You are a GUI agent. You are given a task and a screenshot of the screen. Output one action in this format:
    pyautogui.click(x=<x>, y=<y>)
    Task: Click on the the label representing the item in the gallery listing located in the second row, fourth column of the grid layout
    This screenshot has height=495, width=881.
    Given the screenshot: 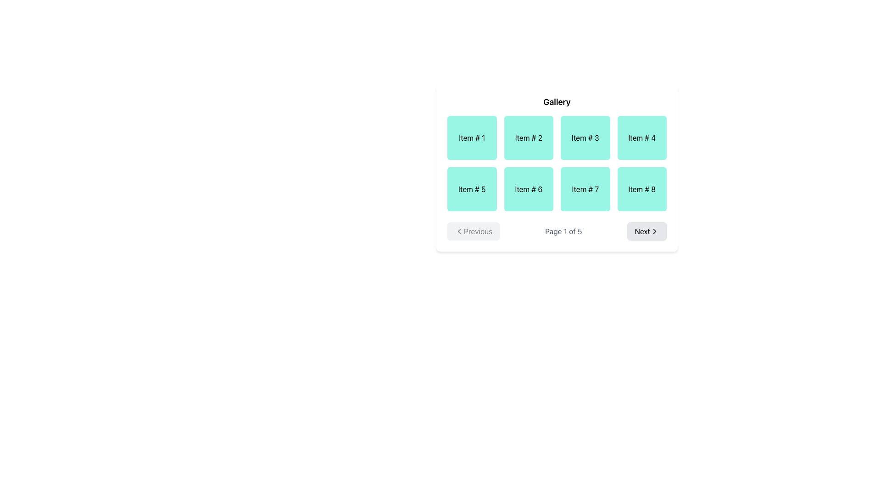 What is the action you would take?
    pyautogui.click(x=641, y=188)
    